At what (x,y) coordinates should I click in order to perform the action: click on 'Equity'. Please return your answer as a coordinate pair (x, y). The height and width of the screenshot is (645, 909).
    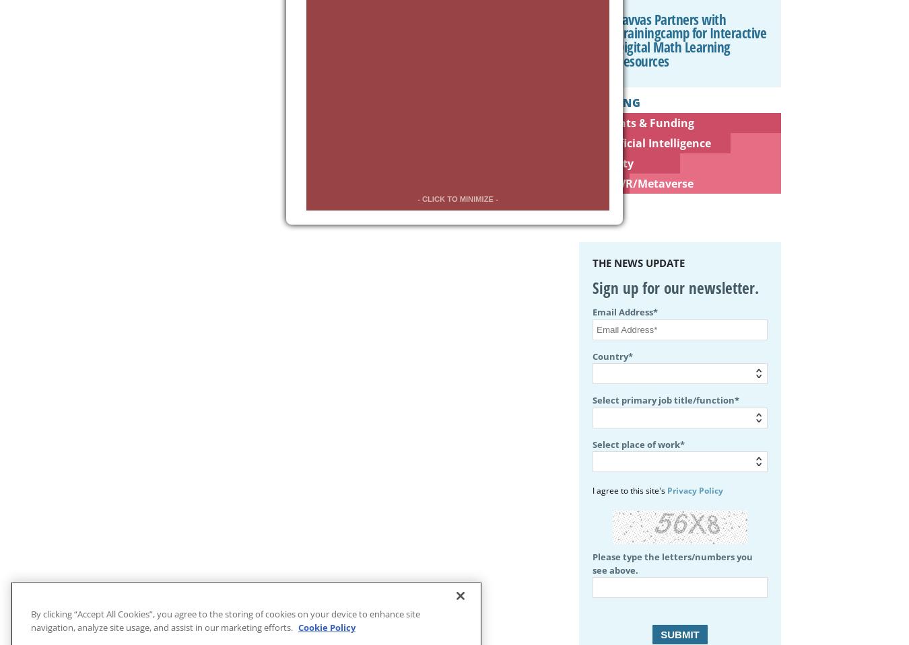
    Looking at the image, I should click on (615, 162).